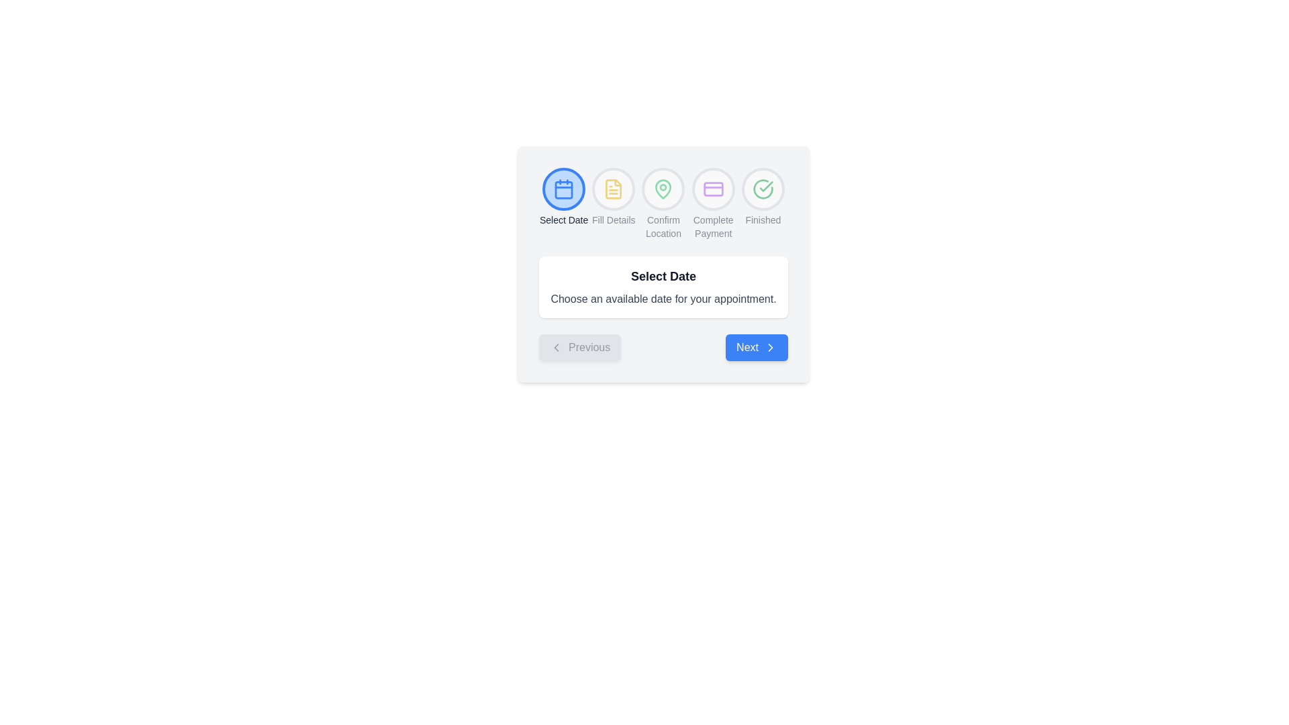 The width and height of the screenshot is (1289, 725). What do you see at coordinates (557, 346) in the screenshot?
I see `the 'Previous' button by interacting with the left-pointing chevron icon` at bounding box center [557, 346].